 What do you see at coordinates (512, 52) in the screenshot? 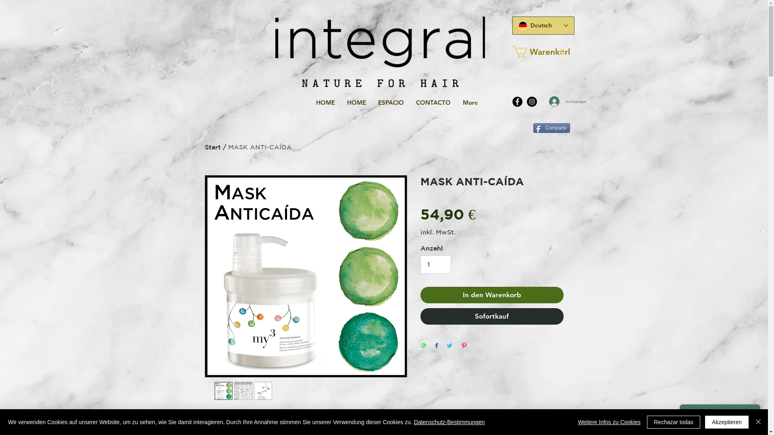
I see `'Warenkorb` at bounding box center [512, 52].